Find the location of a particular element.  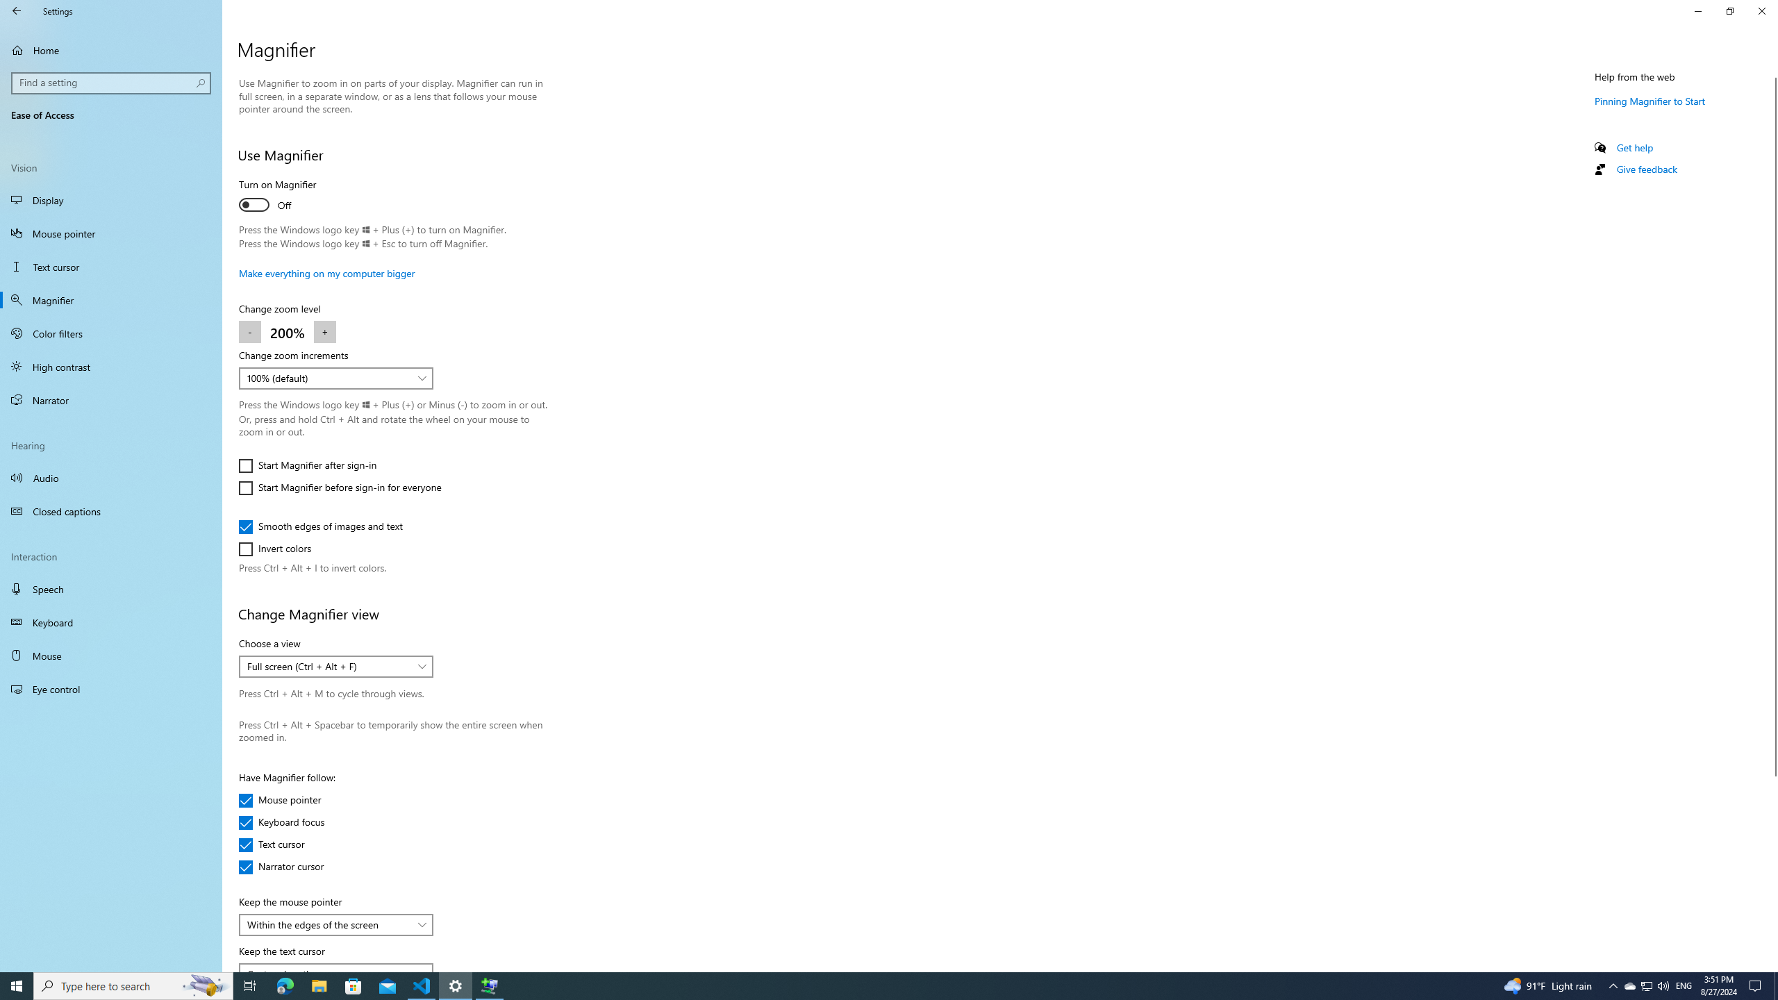

'Color filters' is located at coordinates (110, 333).